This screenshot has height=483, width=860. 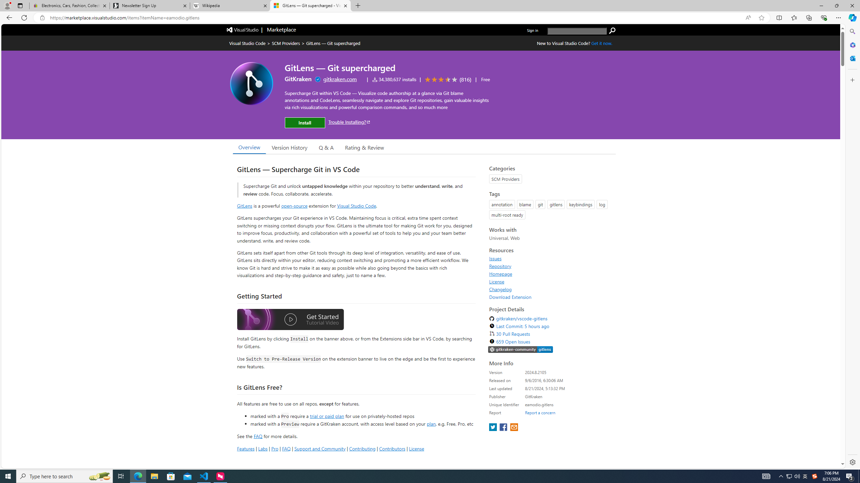 What do you see at coordinates (520, 349) in the screenshot?
I see `'https://slack.gitkraken.com//'` at bounding box center [520, 349].